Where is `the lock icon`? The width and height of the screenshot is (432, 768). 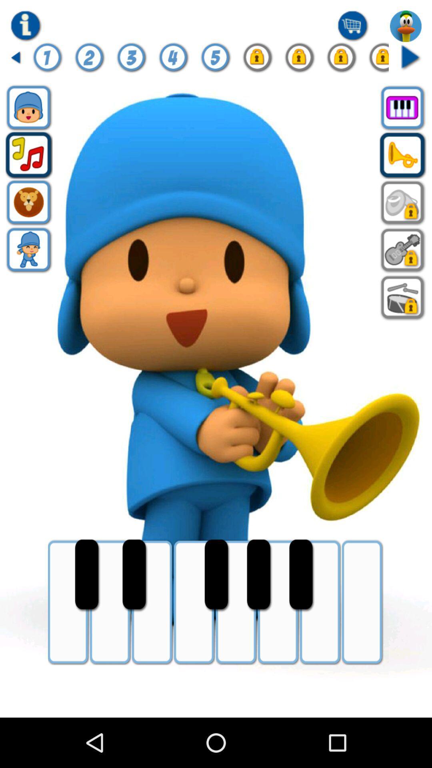 the lock icon is located at coordinates (342, 61).